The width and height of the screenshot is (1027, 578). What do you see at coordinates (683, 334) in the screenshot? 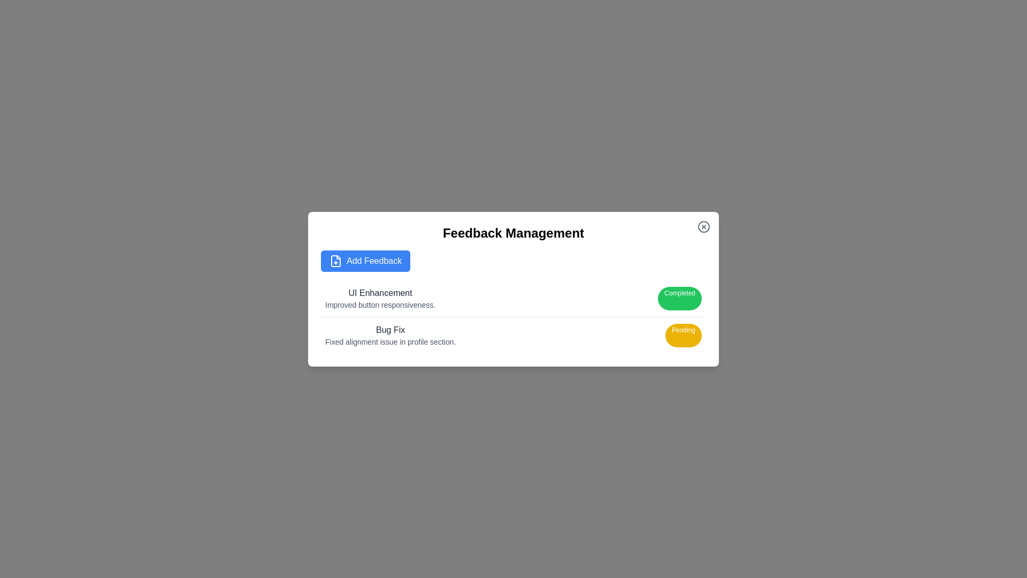
I see `status text from the status indicator that shows 'Pending' for the feedback entry titled 'Bug Fix.'` at bounding box center [683, 334].